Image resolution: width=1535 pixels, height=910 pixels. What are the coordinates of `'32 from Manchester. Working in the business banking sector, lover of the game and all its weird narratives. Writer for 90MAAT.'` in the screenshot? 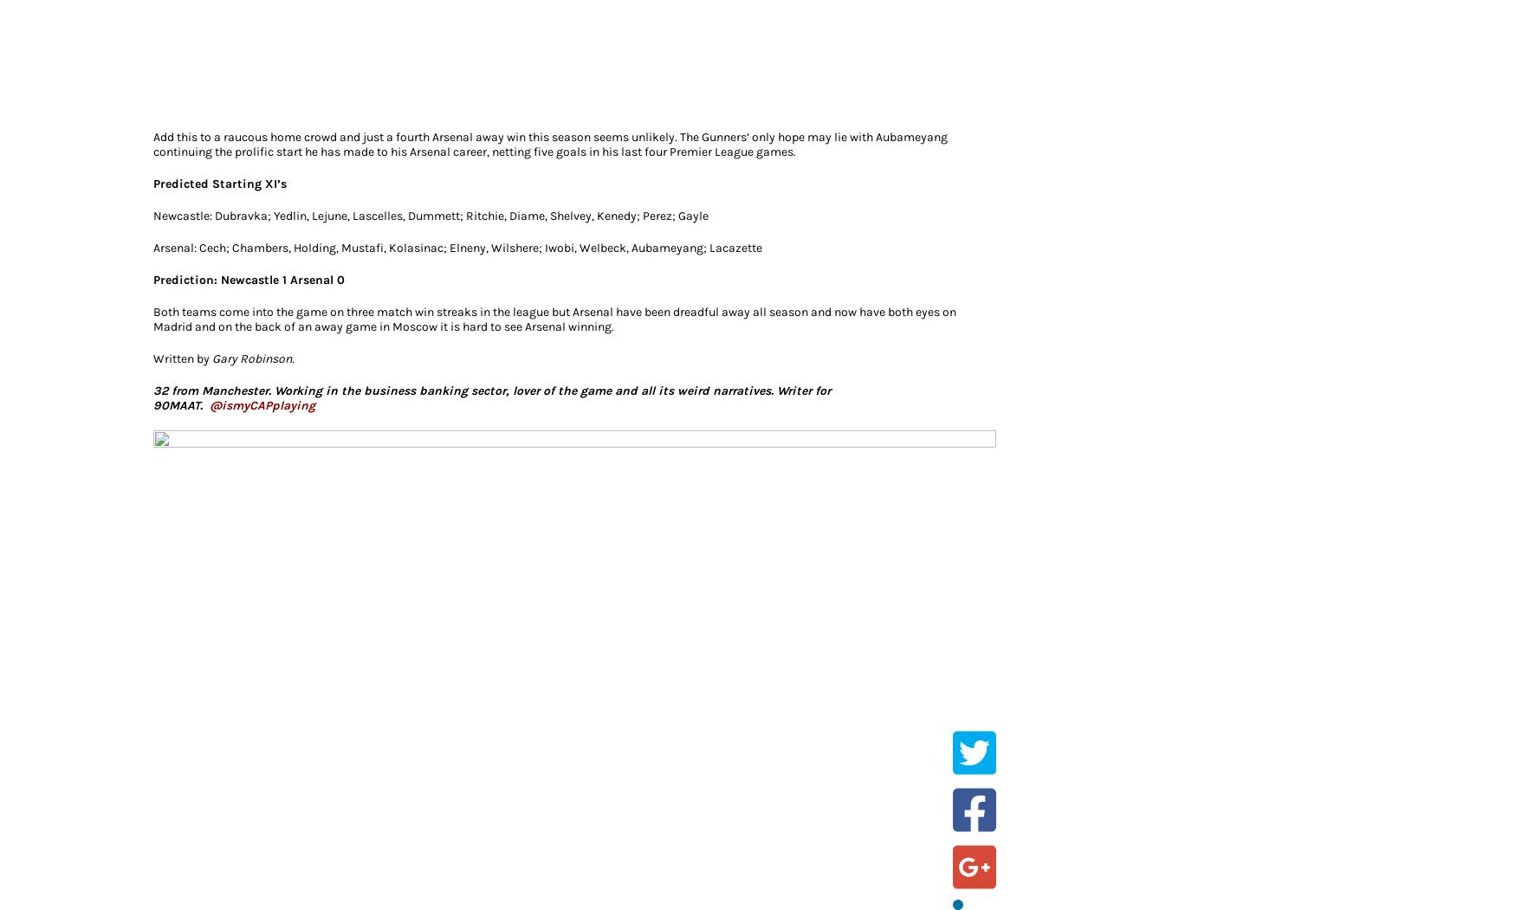 It's located at (491, 396).